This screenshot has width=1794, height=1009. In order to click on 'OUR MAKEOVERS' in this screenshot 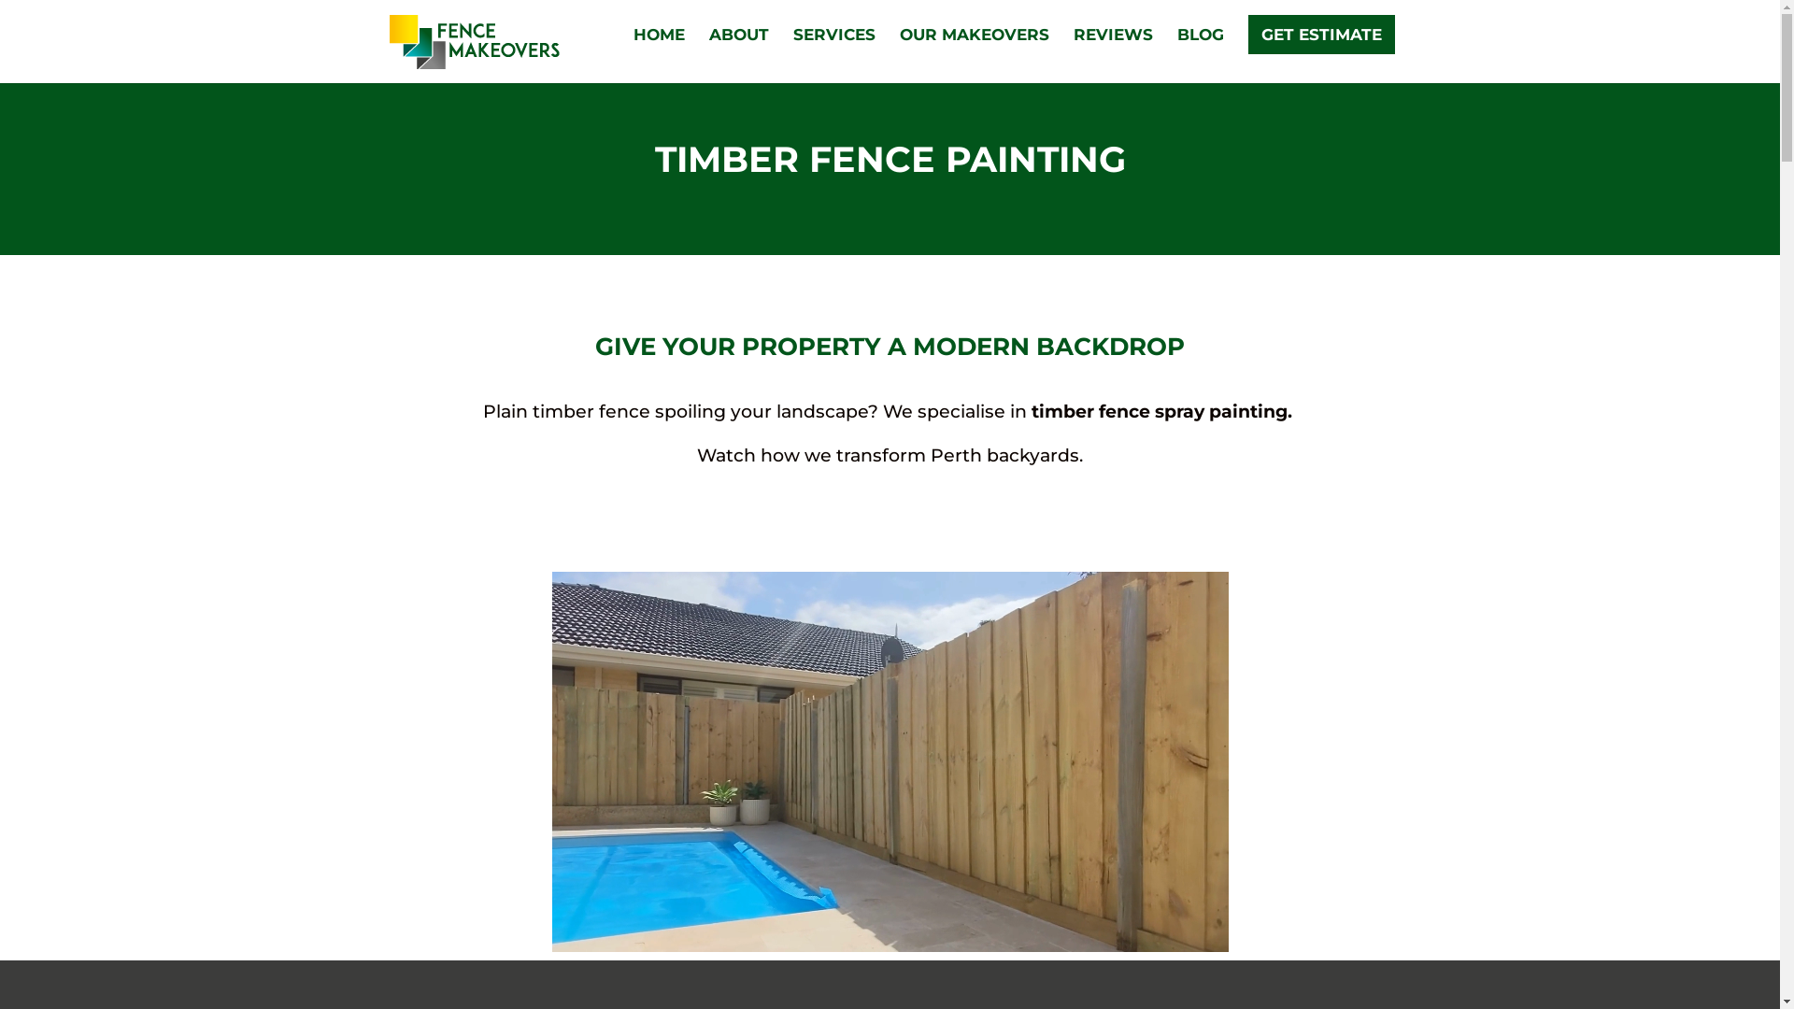, I will do `click(972, 54)`.